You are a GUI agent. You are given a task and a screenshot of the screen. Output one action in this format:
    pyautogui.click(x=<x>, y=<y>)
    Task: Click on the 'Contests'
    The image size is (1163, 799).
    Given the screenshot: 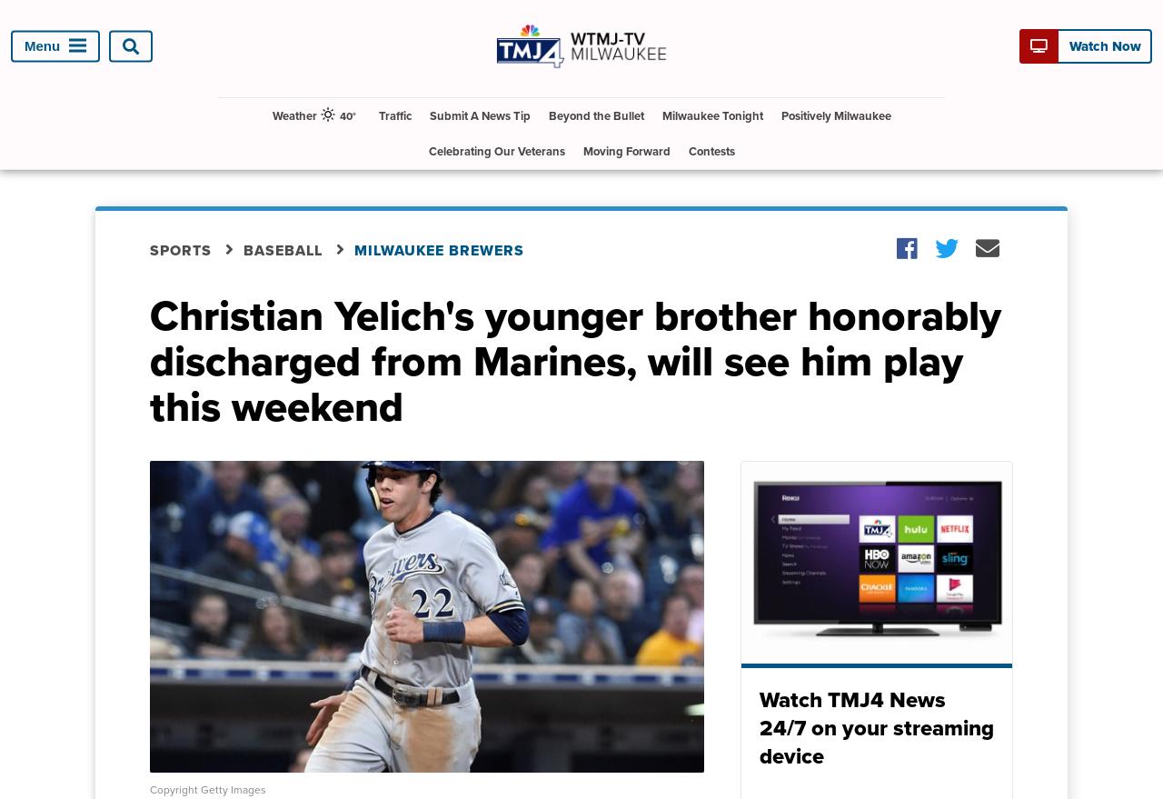 What is the action you would take?
    pyautogui.click(x=710, y=149)
    